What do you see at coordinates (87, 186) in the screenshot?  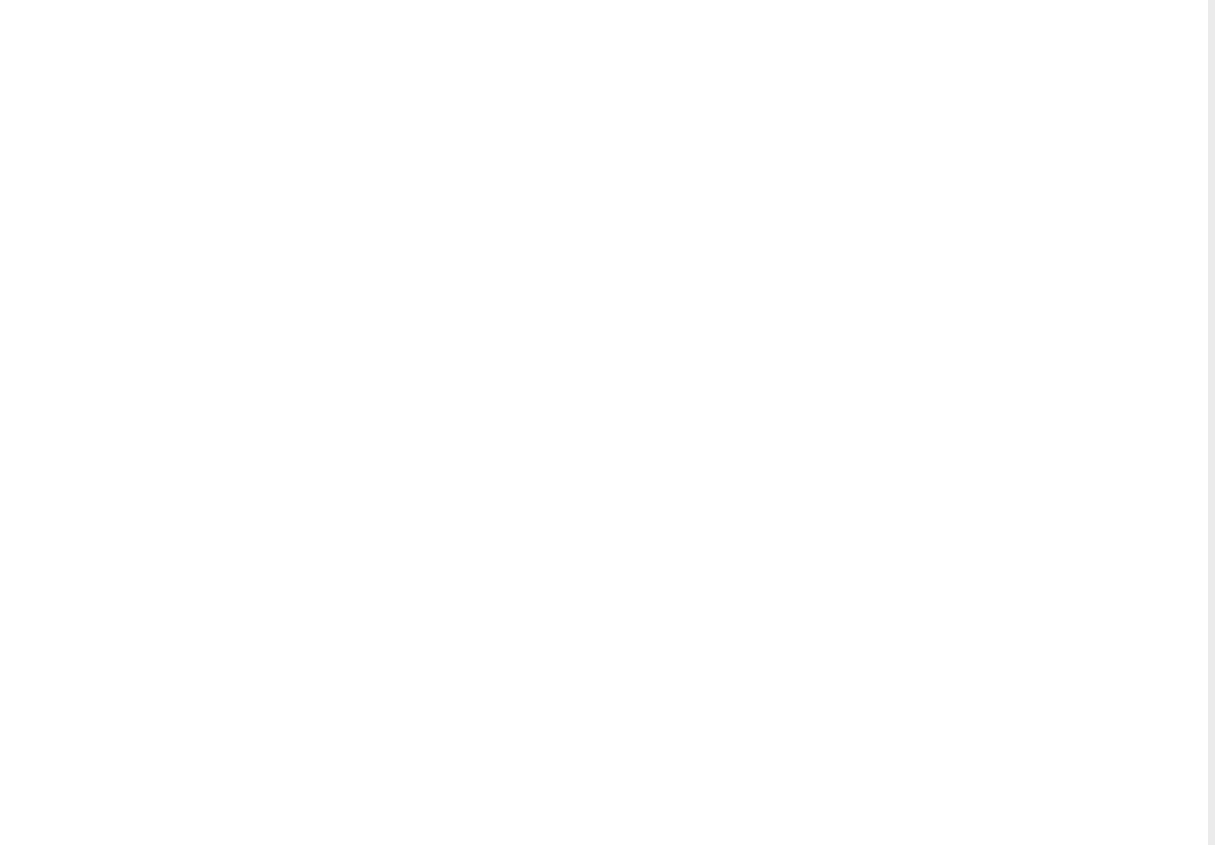 I see `'Blog'` at bounding box center [87, 186].